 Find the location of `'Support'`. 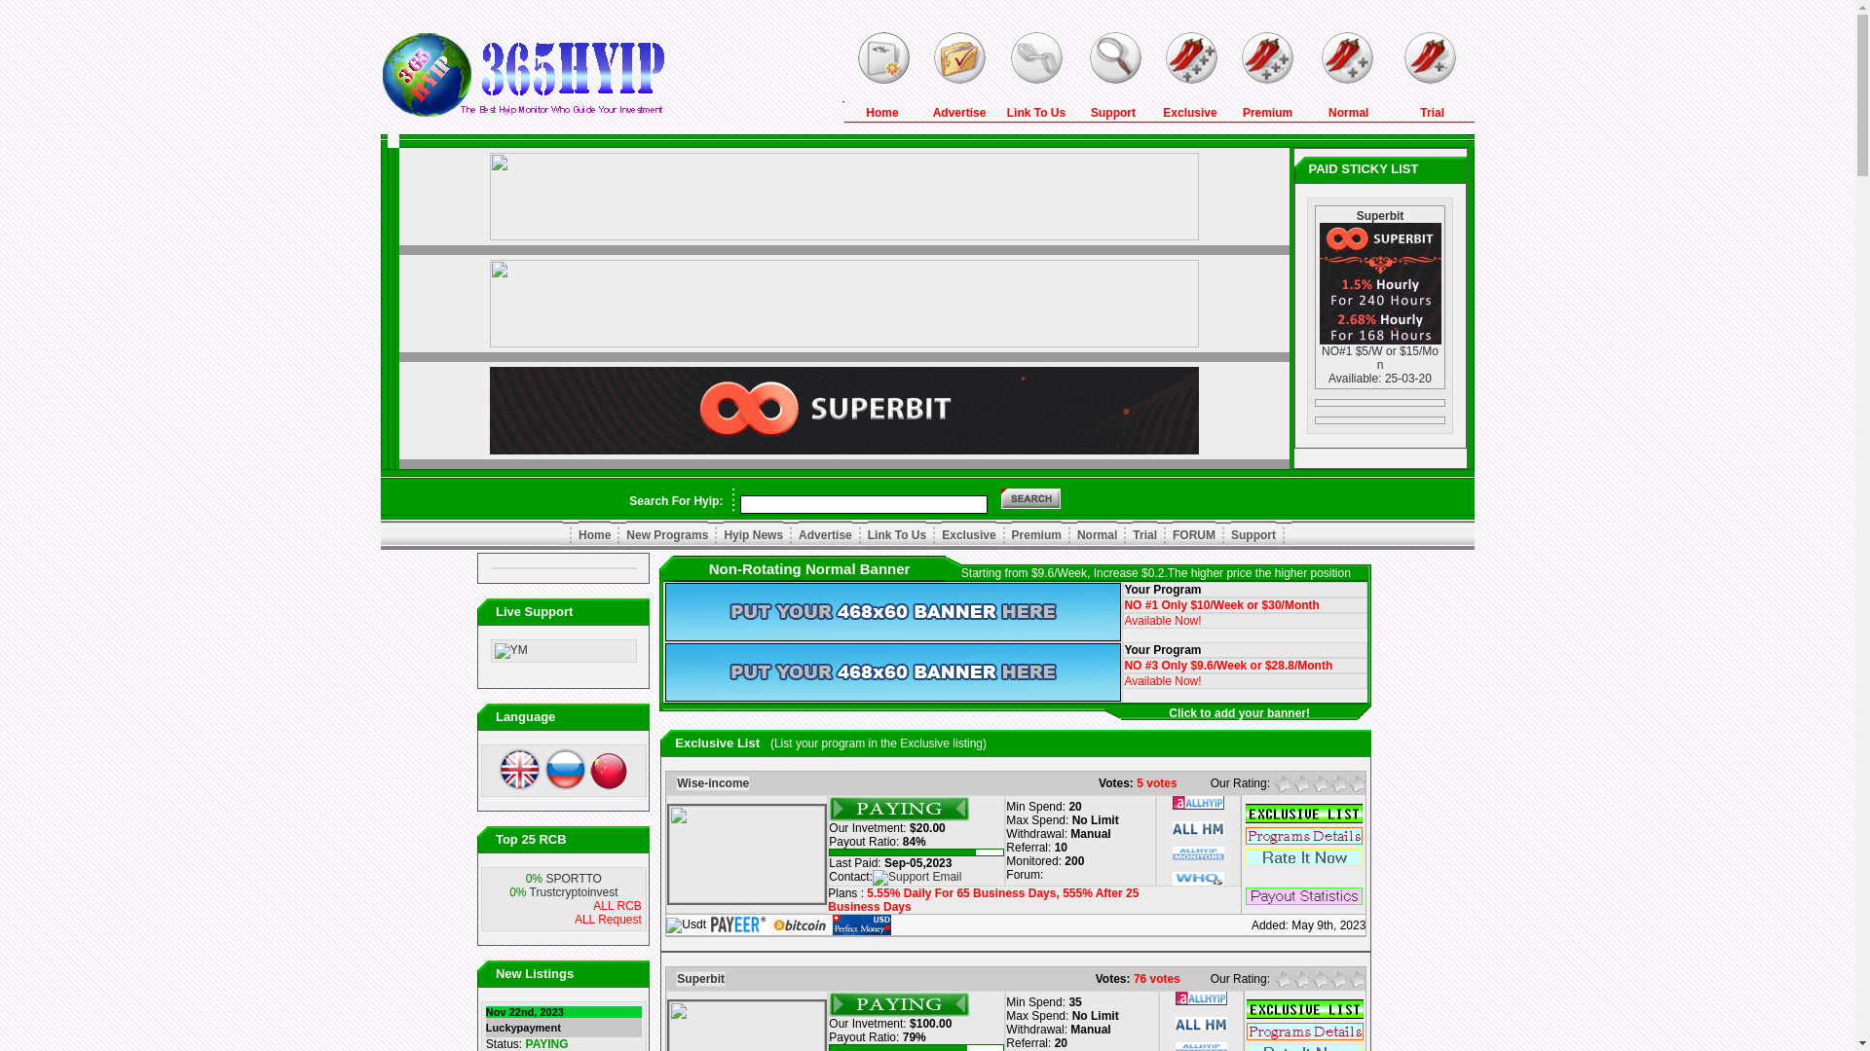

'Support' is located at coordinates (1112, 112).